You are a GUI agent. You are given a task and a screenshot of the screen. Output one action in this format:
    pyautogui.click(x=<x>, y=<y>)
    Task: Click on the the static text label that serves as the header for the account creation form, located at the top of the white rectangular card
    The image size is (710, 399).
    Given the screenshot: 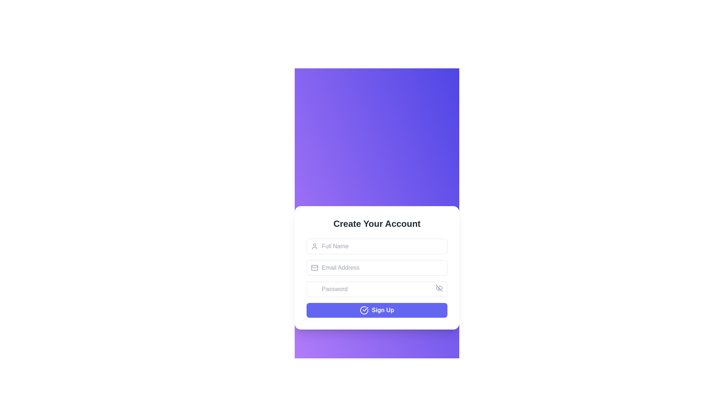 What is the action you would take?
    pyautogui.click(x=377, y=223)
    